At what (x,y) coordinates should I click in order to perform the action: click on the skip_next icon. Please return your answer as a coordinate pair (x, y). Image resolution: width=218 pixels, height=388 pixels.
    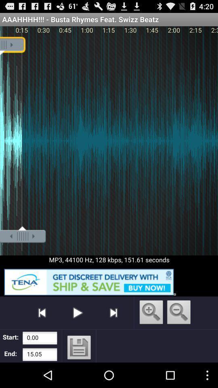
    Looking at the image, I should click on (113, 335).